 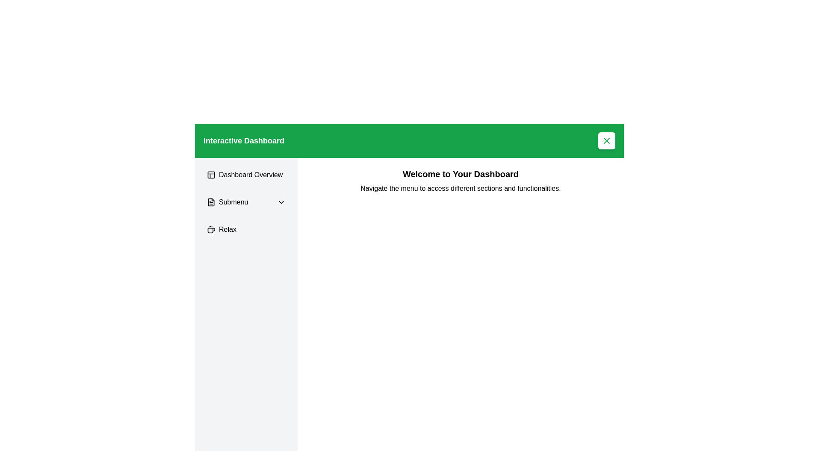 What do you see at coordinates (211, 202) in the screenshot?
I see `the document icon in the vertical sidebar menu, which is positioned to the left of the 'Submenu' text` at bounding box center [211, 202].